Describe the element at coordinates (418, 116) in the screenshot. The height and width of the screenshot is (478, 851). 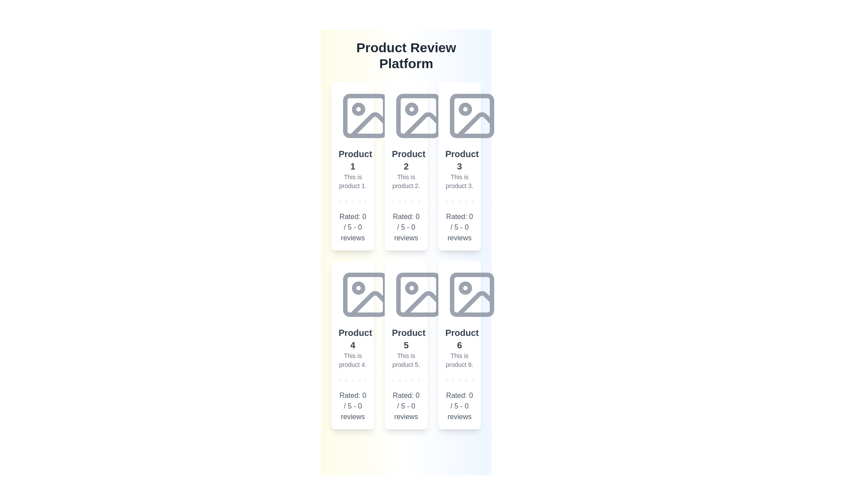
I see `the placeholder image for Product 2` at that location.